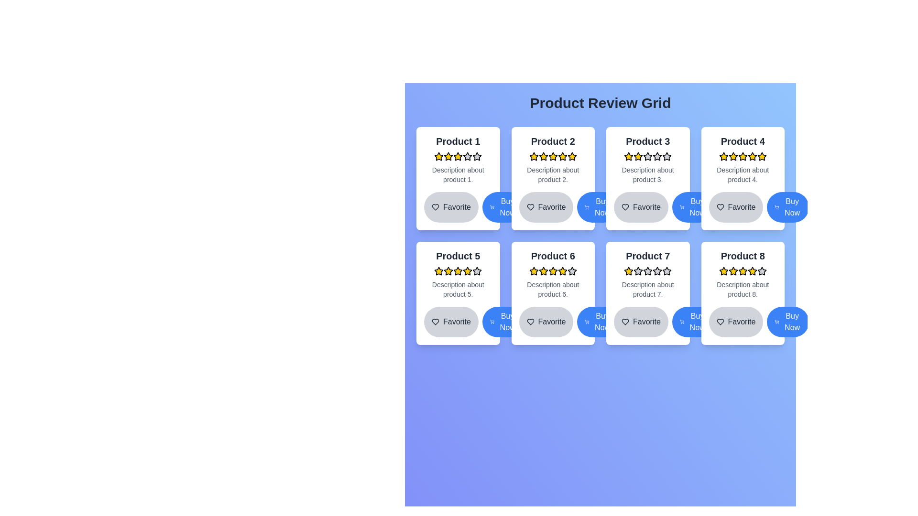 This screenshot has height=516, width=918. I want to click on the third star icon in the rating system for the second product card to interact with the rating system, so click(543, 156).